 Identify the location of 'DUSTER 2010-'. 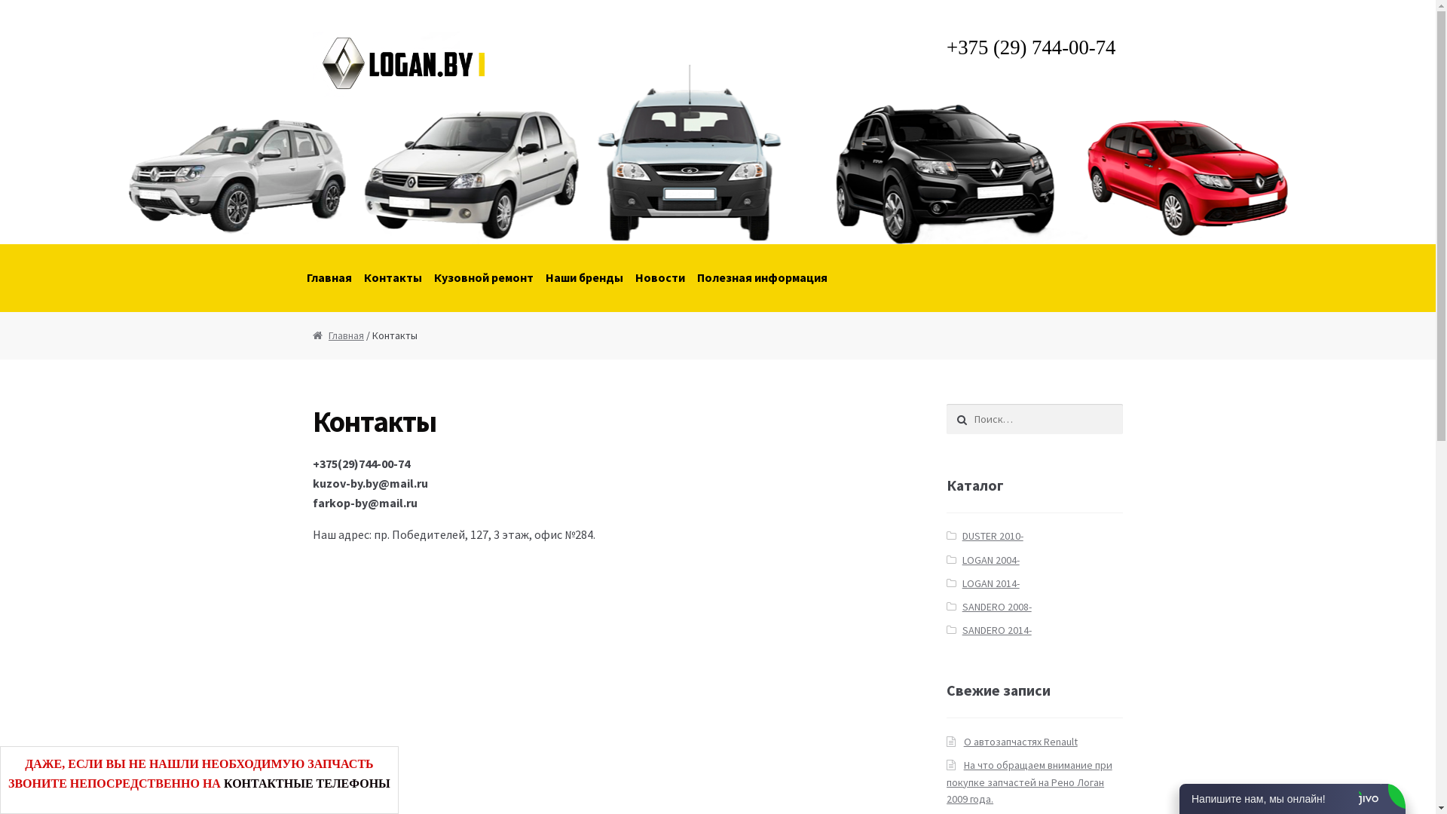
(993, 534).